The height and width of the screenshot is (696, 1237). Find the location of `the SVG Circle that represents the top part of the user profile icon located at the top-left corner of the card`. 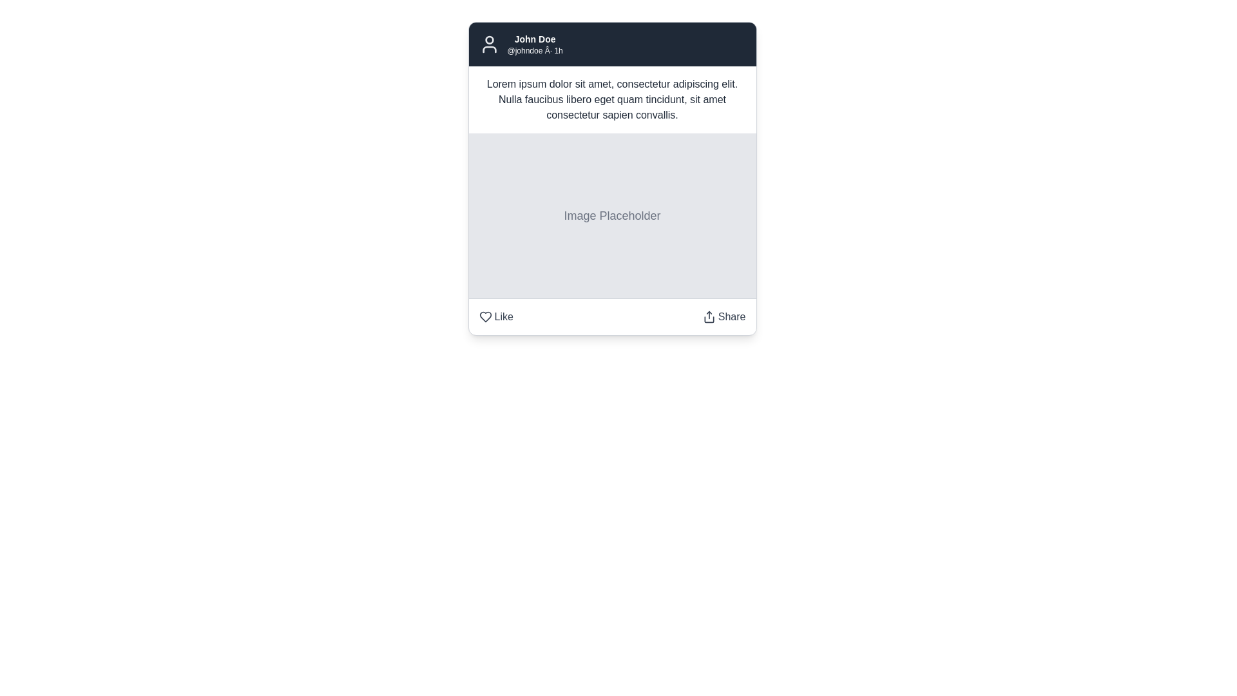

the SVG Circle that represents the top part of the user profile icon located at the top-left corner of the card is located at coordinates (488, 39).